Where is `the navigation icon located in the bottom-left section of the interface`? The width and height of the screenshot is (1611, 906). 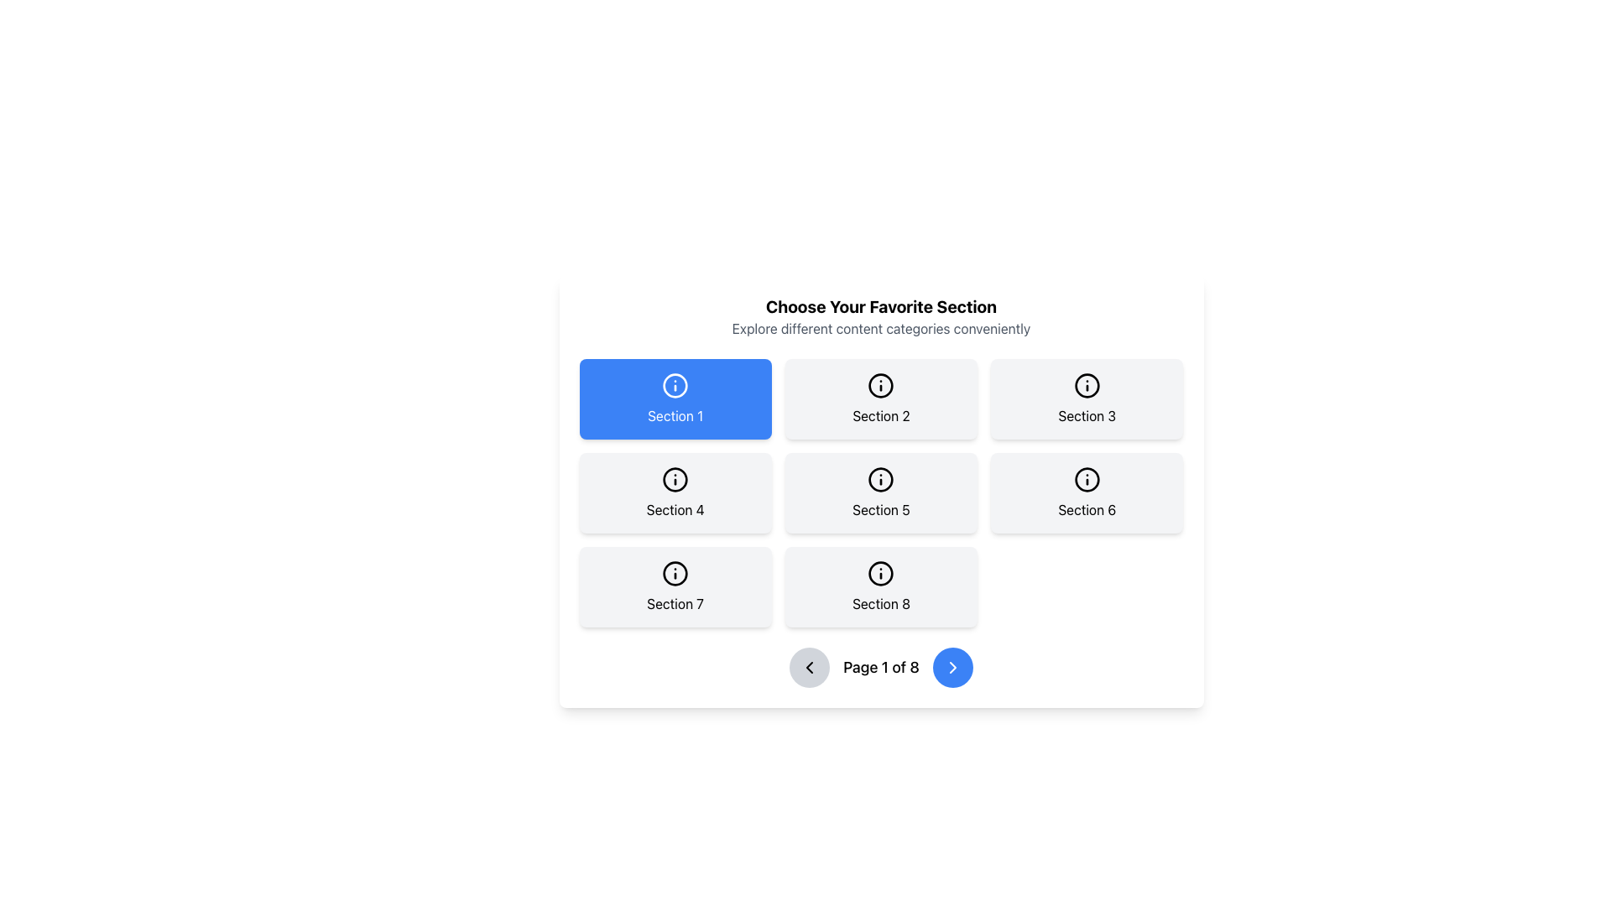
the navigation icon located in the bottom-left section of the interface is located at coordinates (810, 666).